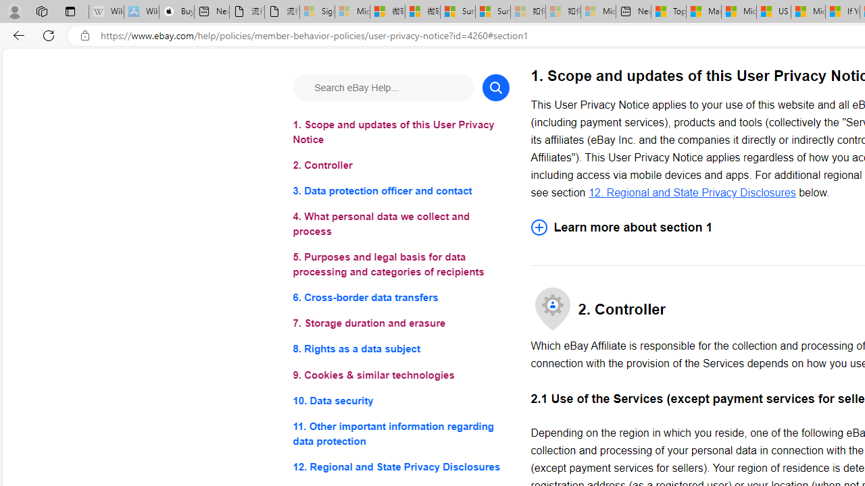  Describe the element at coordinates (400, 400) in the screenshot. I see `'10. Data security'` at that location.